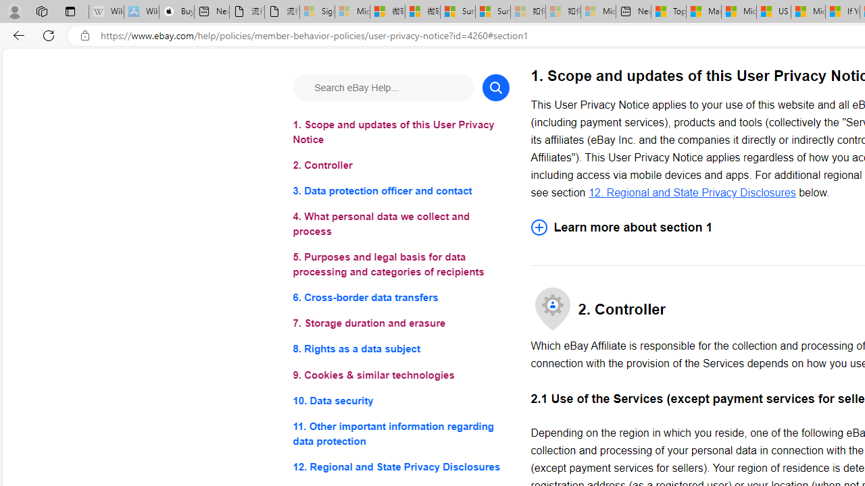  Describe the element at coordinates (400, 400) in the screenshot. I see `'10. Data security'` at that location.